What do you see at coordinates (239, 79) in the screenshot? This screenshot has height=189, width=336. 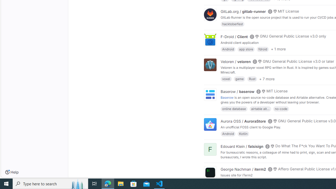 I see `'game'` at bounding box center [239, 79].